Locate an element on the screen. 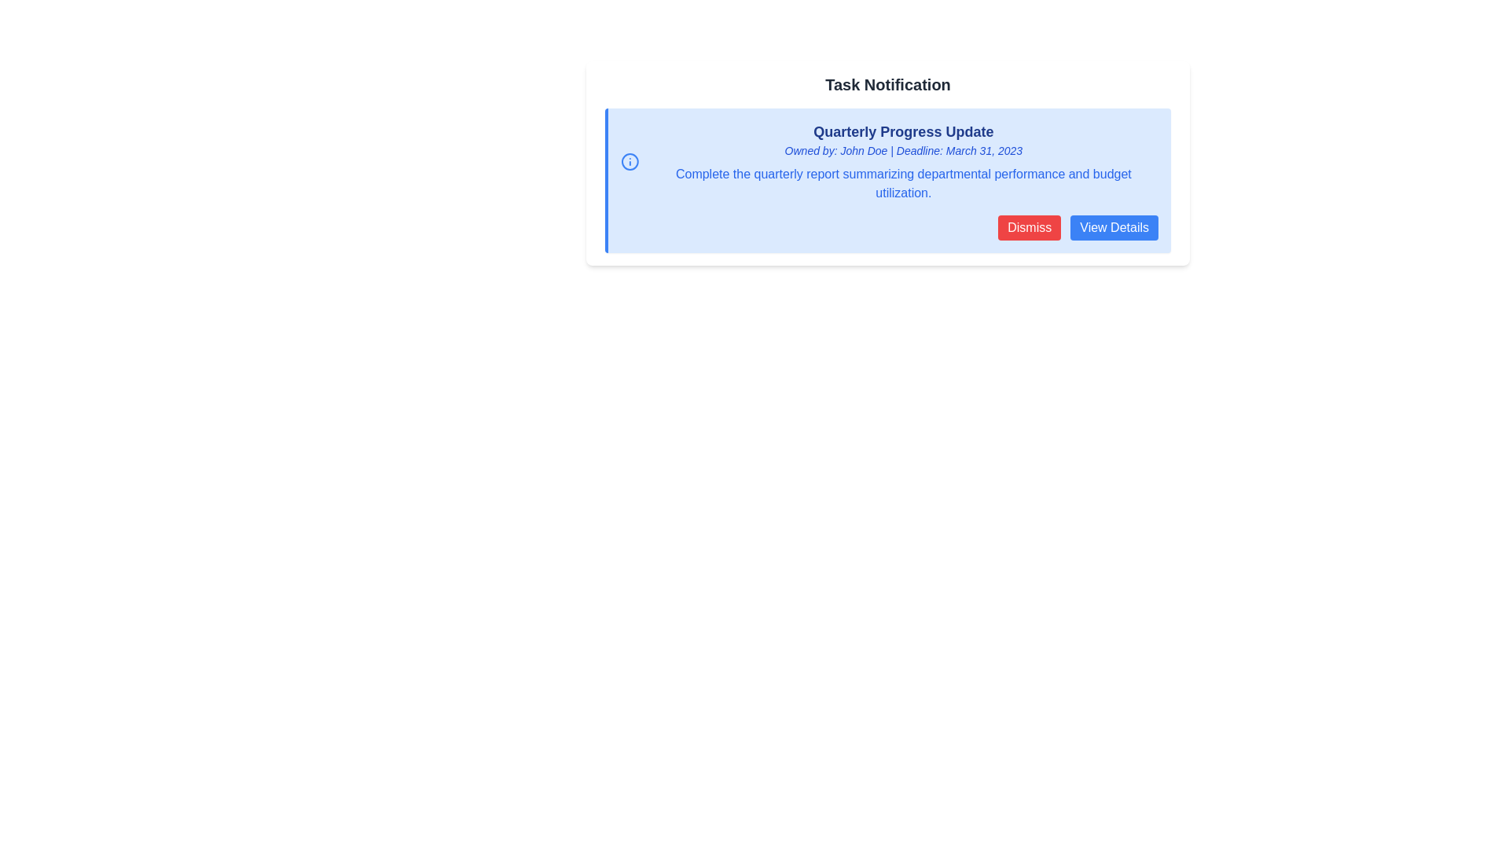  the 'Task Notification' heading element, which is a bold and large text display styled in grey, located at the top of a card component is located at coordinates (887, 85).